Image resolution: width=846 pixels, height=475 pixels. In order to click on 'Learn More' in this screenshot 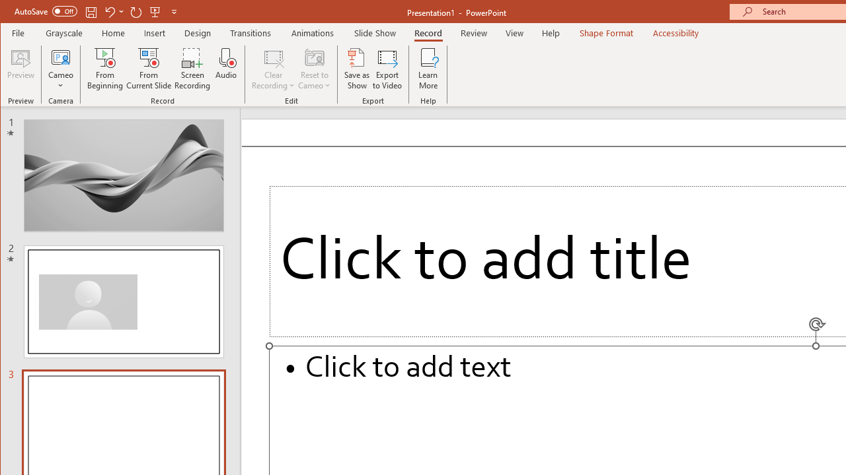, I will do `click(428, 69)`.